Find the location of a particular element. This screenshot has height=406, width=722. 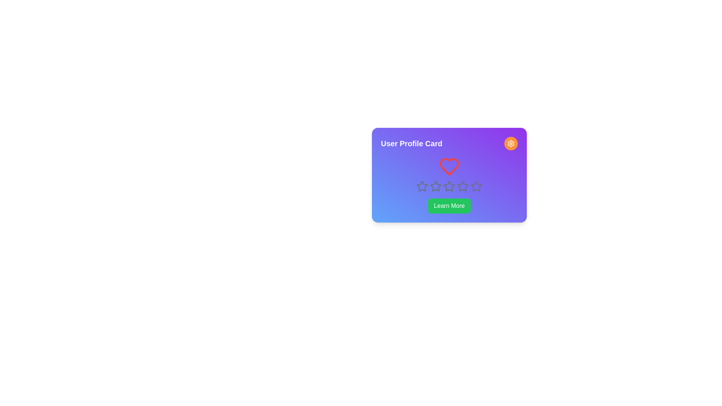

text label that says 'User Profile Card', which is prominently displayed in bold at the top of the section is located at coordinates (411, 143).